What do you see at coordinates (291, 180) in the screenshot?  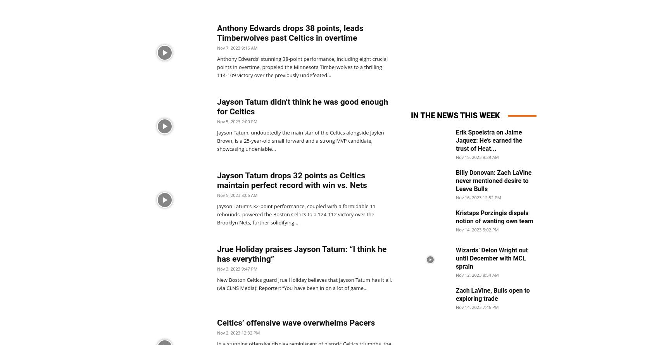 I see `'Jayson Tatum drops 32 points as Celtics maintain perfect record with win vs. Nets'` at bounding box center [291, 180].